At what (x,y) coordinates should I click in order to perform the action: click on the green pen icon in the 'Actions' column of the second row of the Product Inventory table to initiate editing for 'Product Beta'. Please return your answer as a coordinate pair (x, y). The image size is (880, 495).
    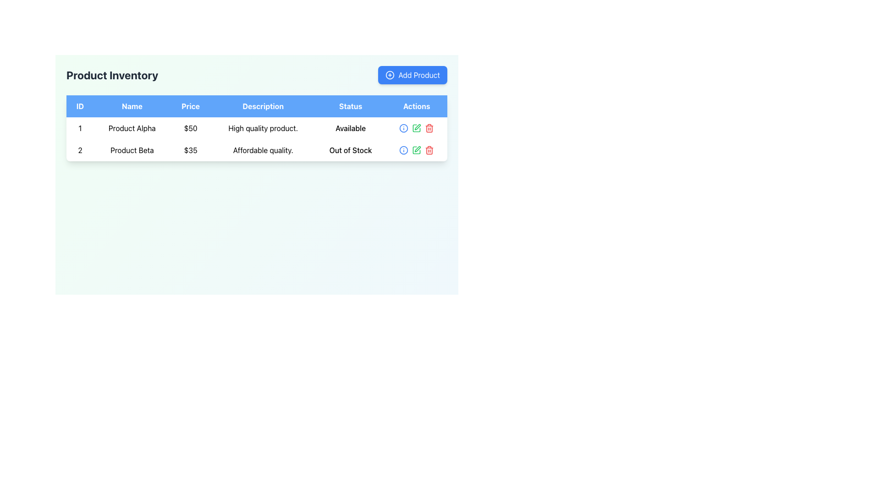
    Looking at the image, I should click on (416, 149).